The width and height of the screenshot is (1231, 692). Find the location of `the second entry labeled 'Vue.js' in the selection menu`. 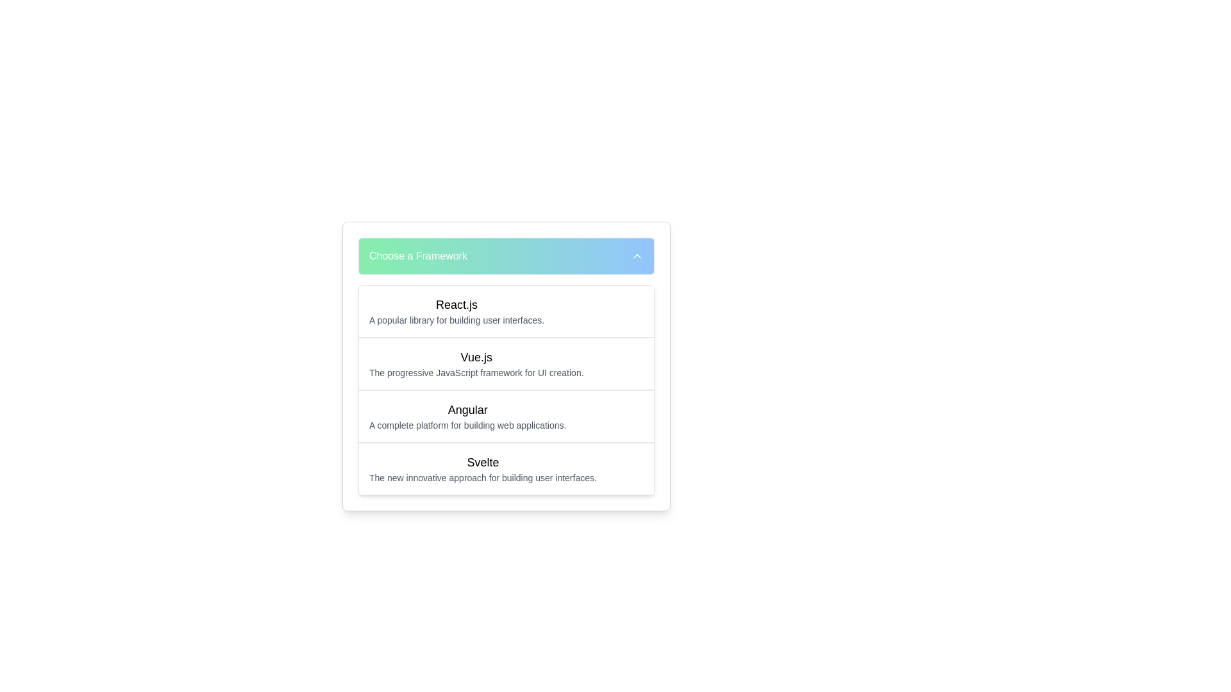

the second entry labeled 'Vue.js' in the selection menu is located at coordinates (476, 363).